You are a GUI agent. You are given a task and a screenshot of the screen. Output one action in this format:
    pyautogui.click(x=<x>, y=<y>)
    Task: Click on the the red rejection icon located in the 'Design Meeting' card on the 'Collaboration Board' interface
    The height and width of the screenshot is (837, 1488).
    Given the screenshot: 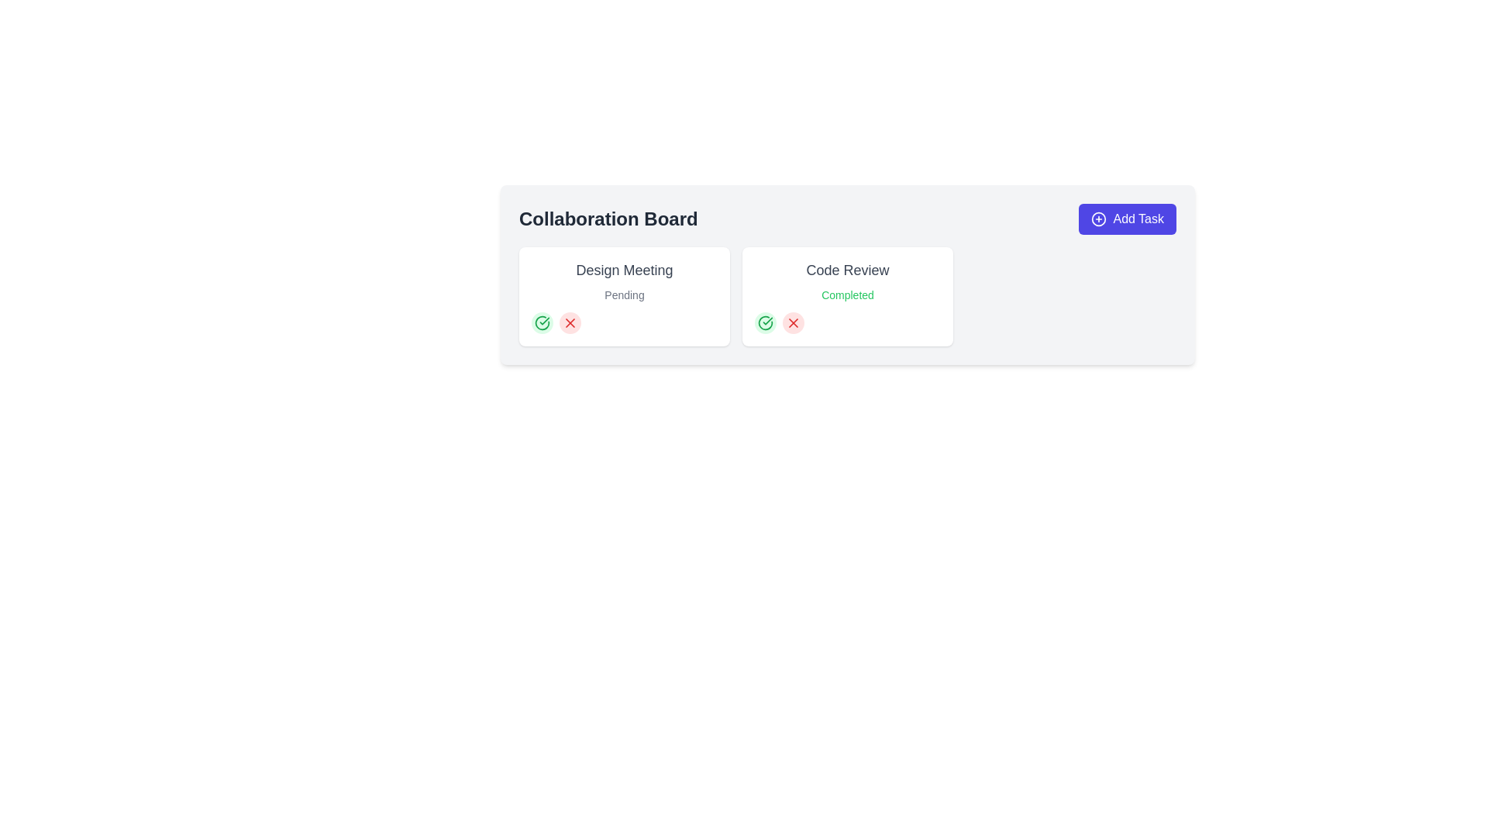 What is the action you would take?
    pyautogui.click(x=569, y=322)
    